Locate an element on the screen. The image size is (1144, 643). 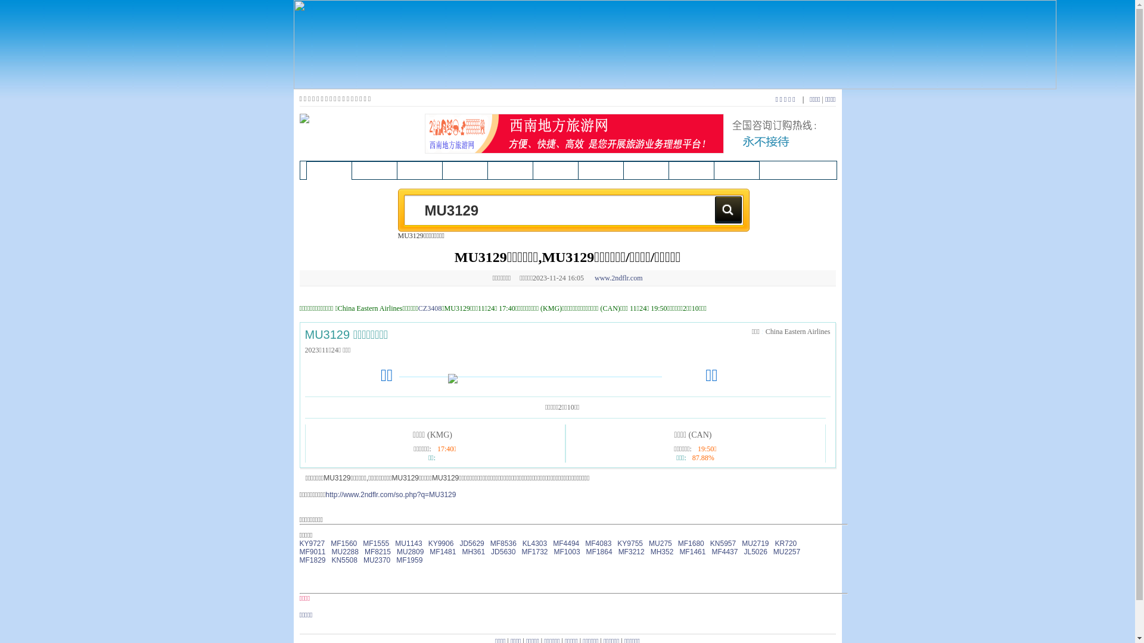
'Search' is located at coordinates (719, 208).